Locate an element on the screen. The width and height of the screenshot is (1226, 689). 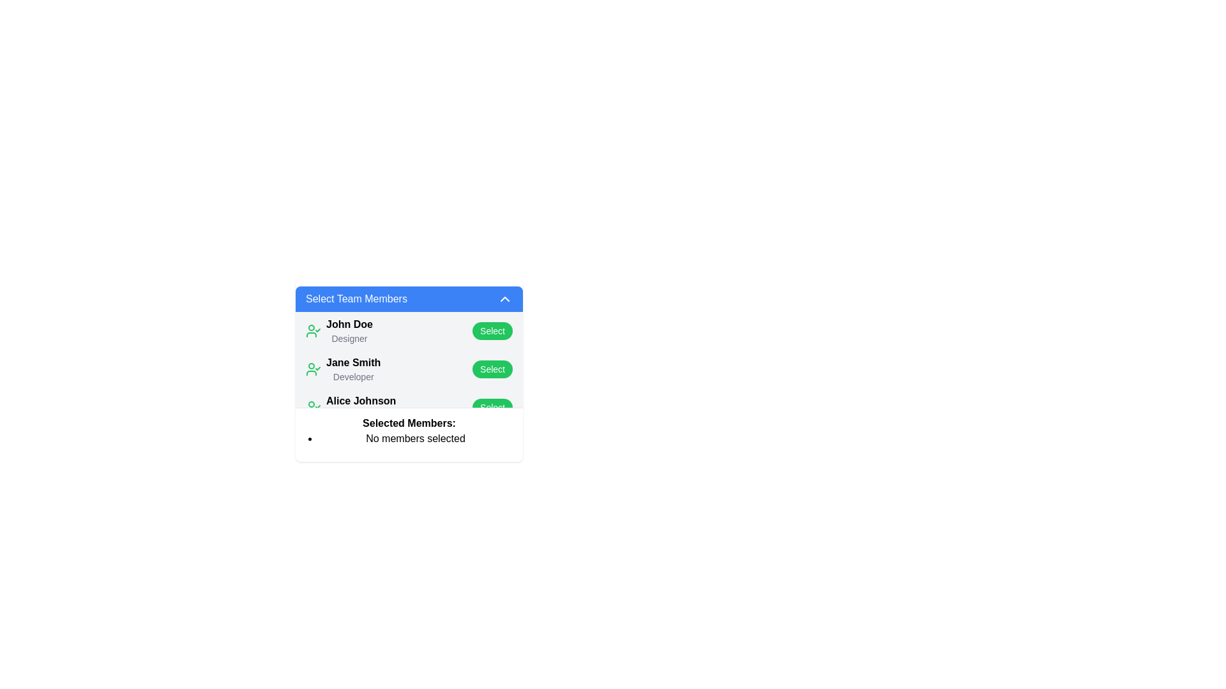
the text label displaying 'John Doe' to activate any tooltips related to this team member is located at coordinates (349, 324).